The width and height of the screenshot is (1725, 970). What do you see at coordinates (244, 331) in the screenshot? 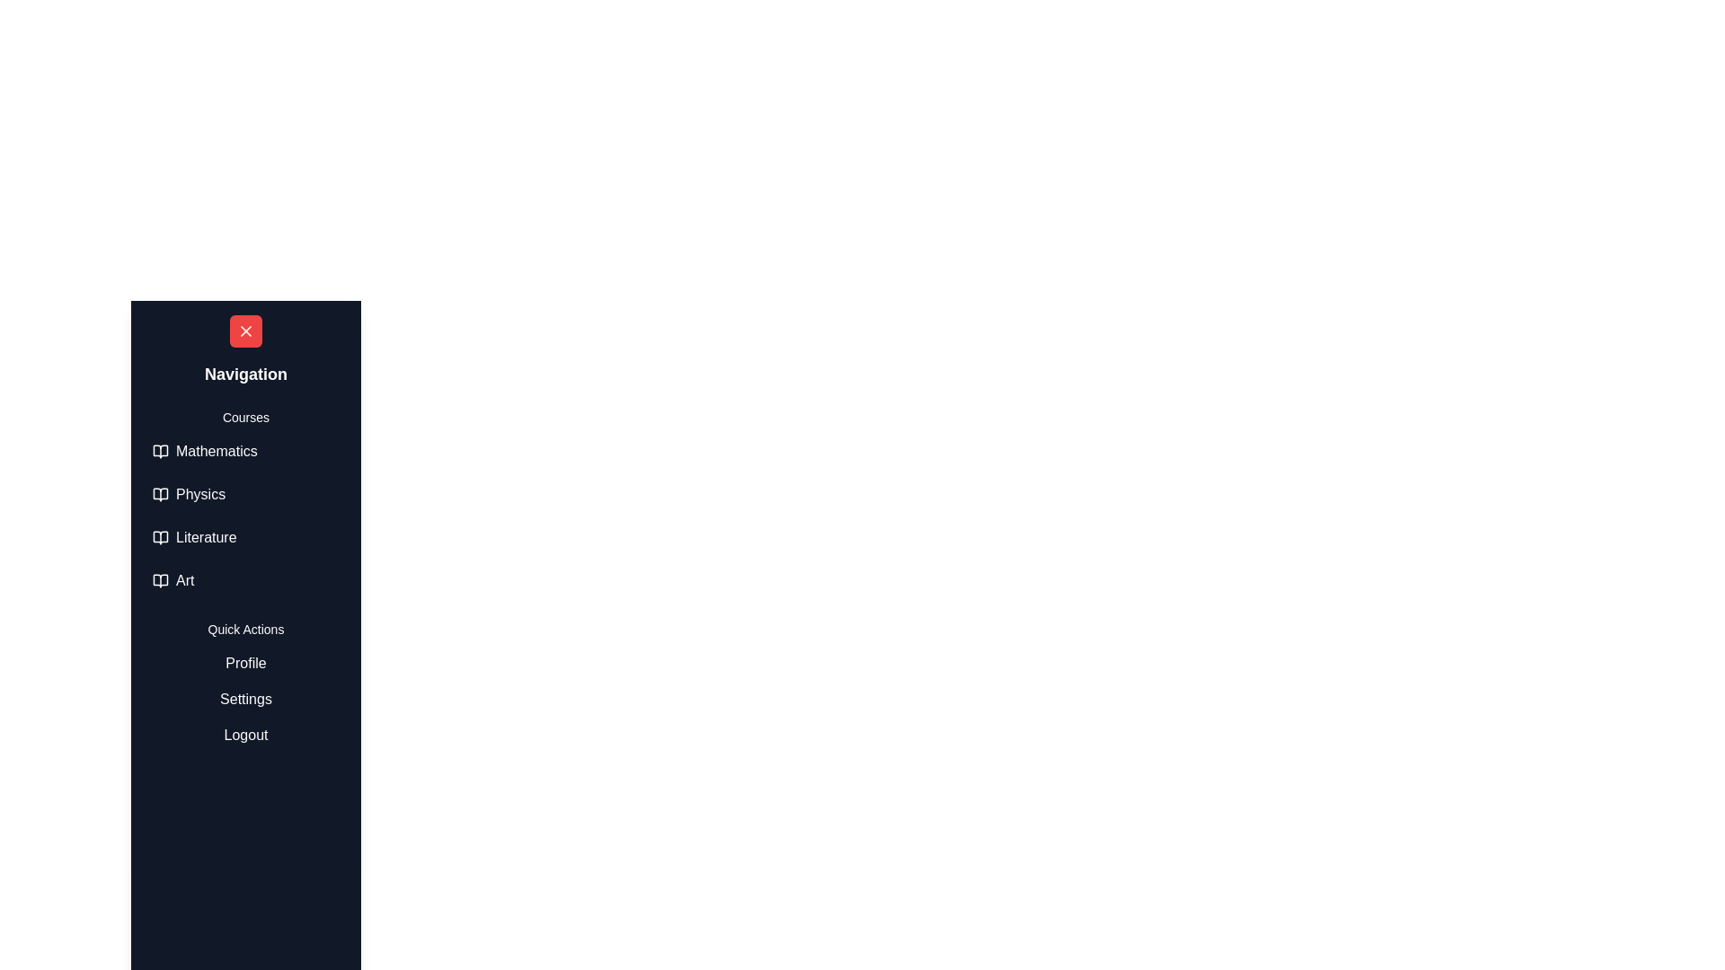
I see `the red square icon with a white 'X' inside, located at the top of the dark sidebar menu` at bounding box center [244, 331].